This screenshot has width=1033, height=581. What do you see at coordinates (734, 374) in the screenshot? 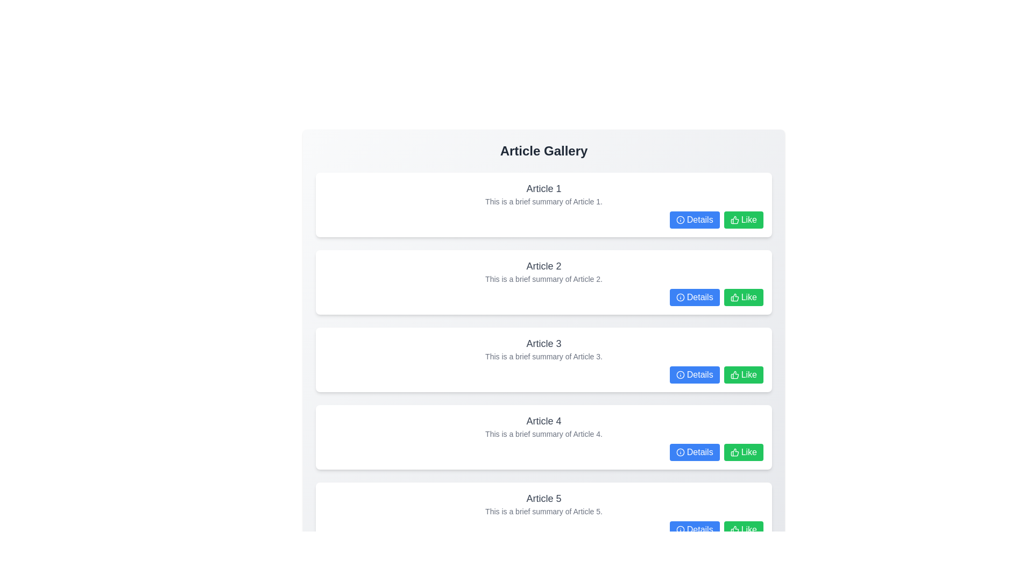
I see `the interactive 'Like' icon for 'Article 4' to register a positive feedback action` at bounding box center [734, 374].